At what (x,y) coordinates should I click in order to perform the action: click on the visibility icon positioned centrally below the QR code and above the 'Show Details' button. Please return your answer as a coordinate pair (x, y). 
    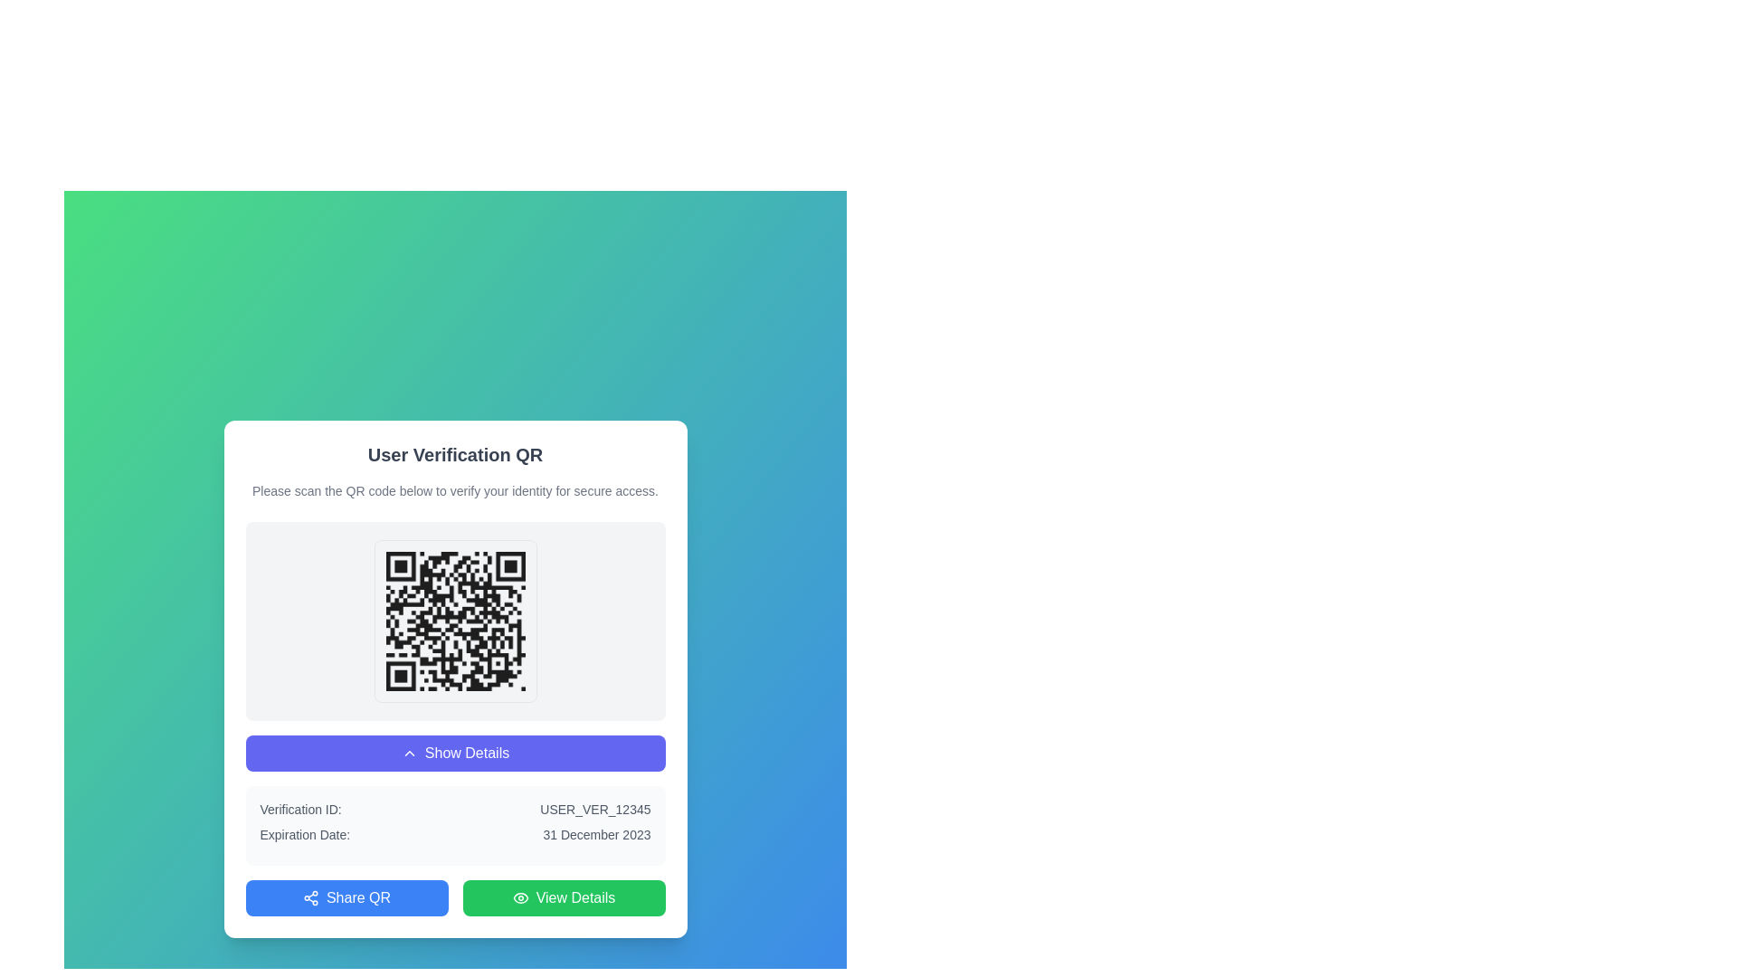
    Looking at the image, I should click on (519, 897).